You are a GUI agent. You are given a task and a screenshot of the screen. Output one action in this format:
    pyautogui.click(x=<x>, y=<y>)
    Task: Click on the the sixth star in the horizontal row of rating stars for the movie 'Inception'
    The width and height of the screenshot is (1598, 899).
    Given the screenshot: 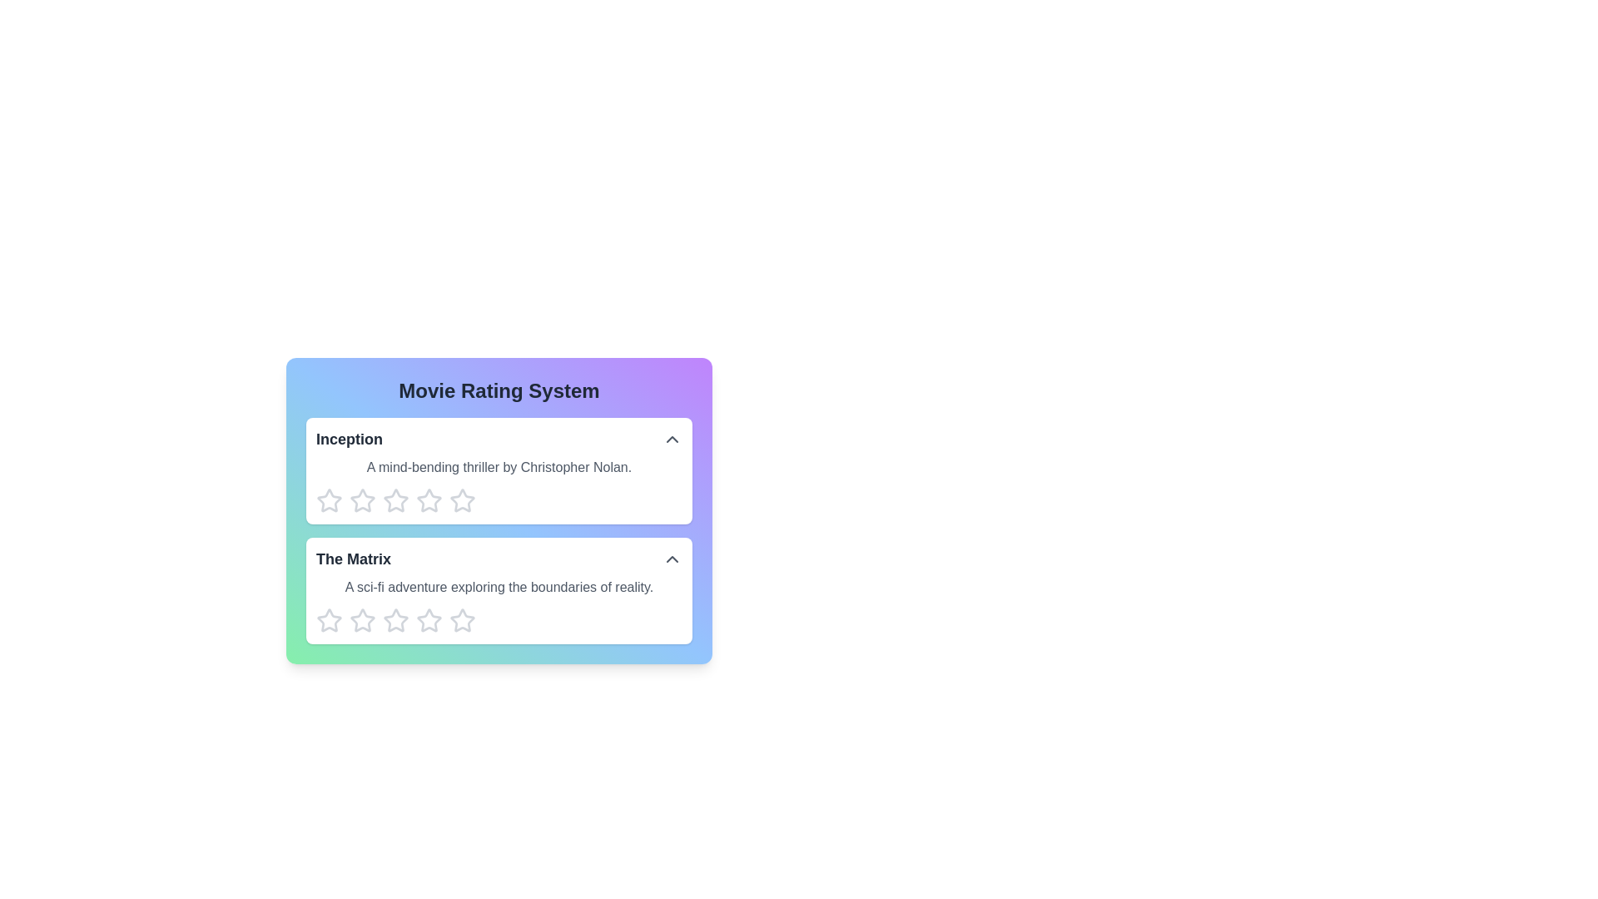 What is the action you would take?
    pyautogui.click(x=429, y=499)
    